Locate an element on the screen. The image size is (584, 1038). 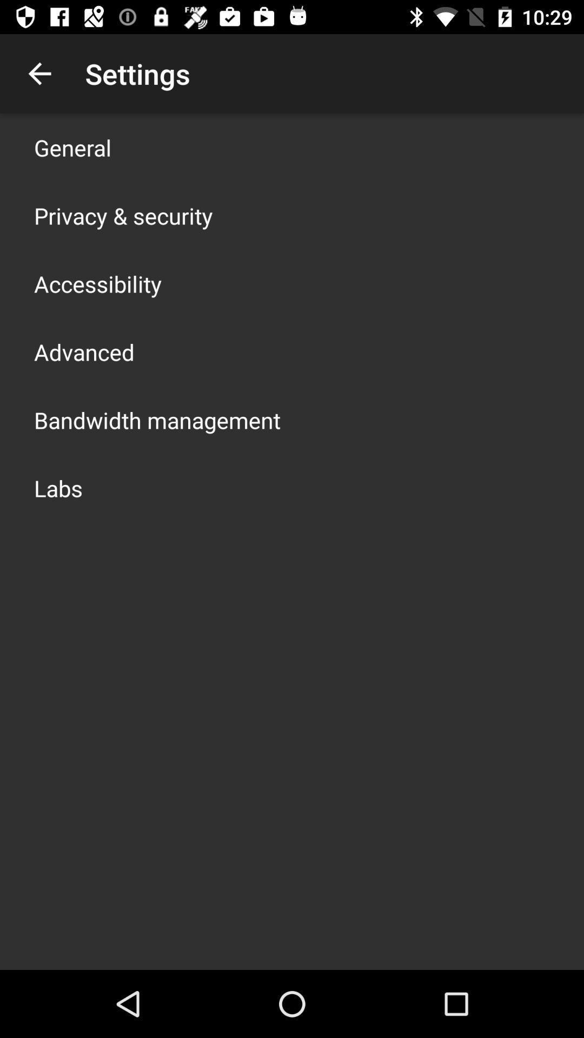
the advanced is located at coordinates (83, 352).